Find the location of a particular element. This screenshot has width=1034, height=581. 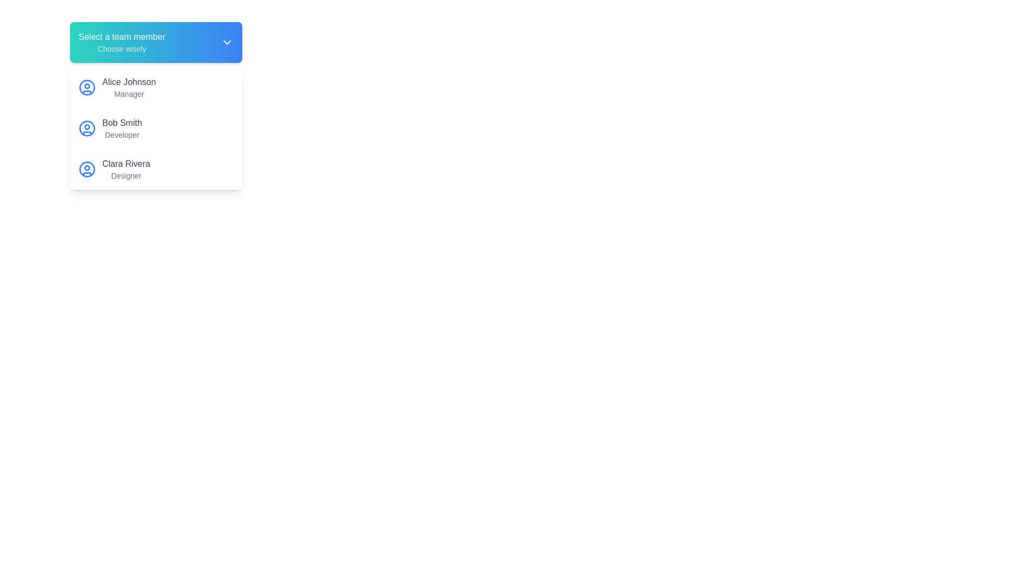

the static text label displaying 'Select a team member', which is prominently placed on a gradient blue-green background as the primary label within a dropdown component is located at coordinates (122, 37).